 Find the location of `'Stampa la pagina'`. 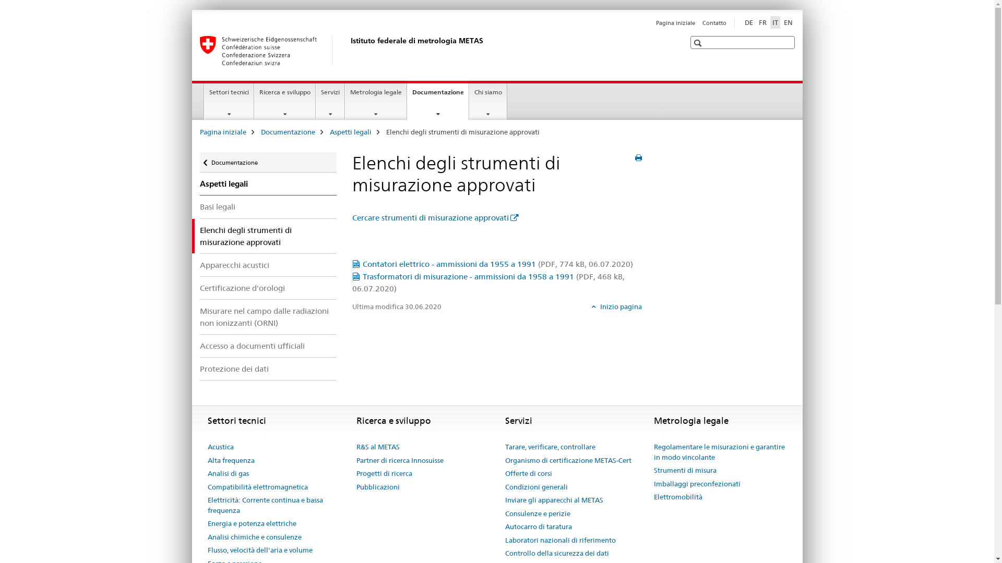

'Stampa la pagina' is located at coordinates (638, 158).